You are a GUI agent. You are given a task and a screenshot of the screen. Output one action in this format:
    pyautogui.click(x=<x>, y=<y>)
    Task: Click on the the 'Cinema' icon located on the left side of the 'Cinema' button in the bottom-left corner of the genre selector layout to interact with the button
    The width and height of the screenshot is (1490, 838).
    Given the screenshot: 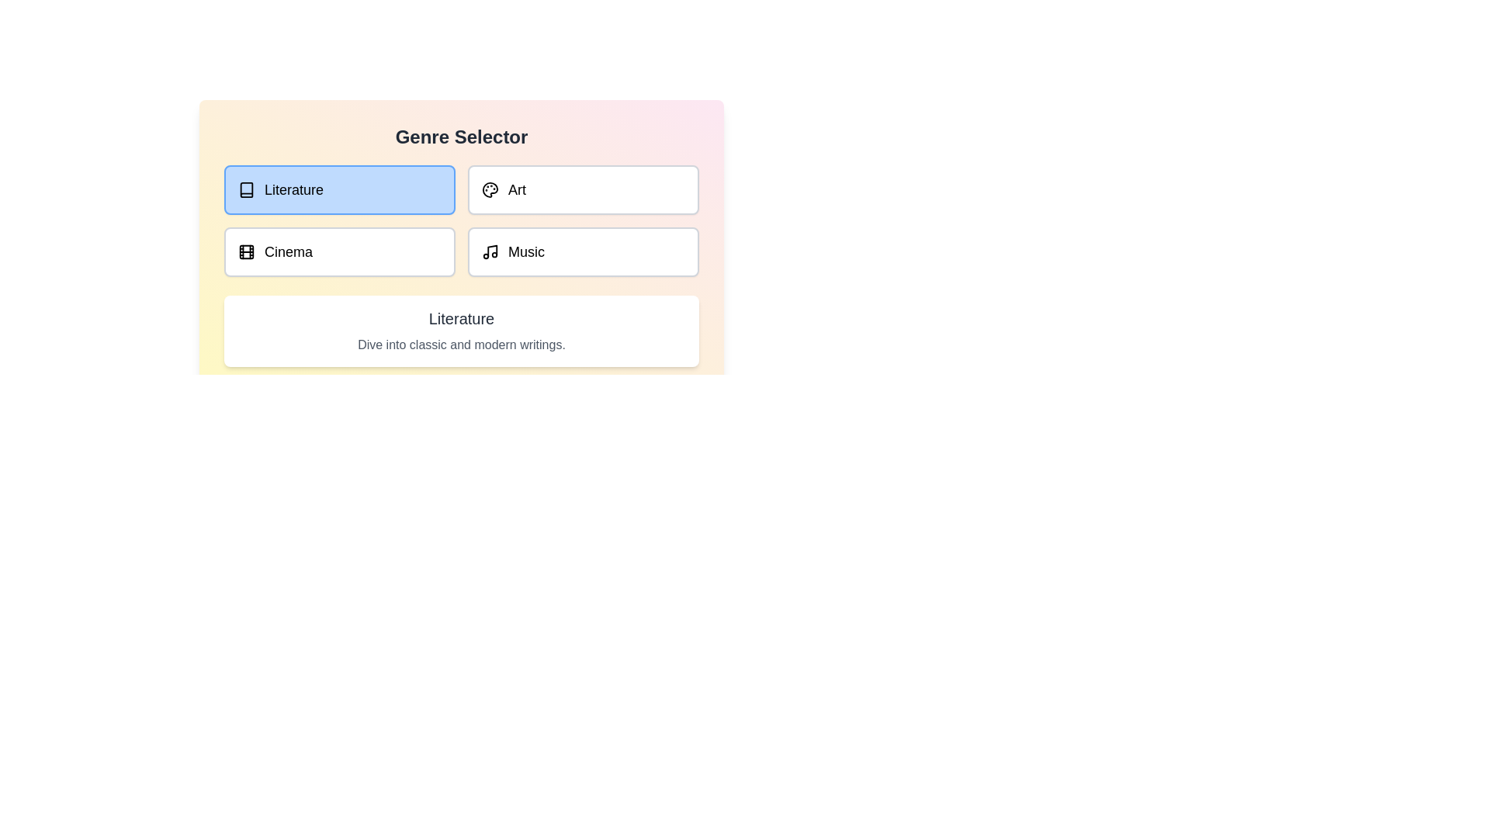 What is the action you would take?
    pyautogui.click(x=245, y=251)
    